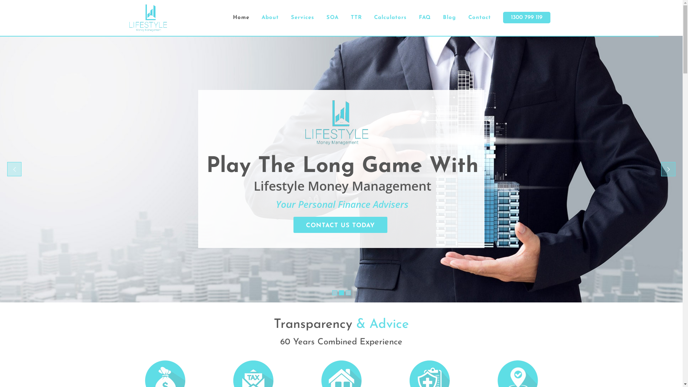  Describe the element at coordinates (479, 18) in the screenshot. I see `'Contact'` at that location.